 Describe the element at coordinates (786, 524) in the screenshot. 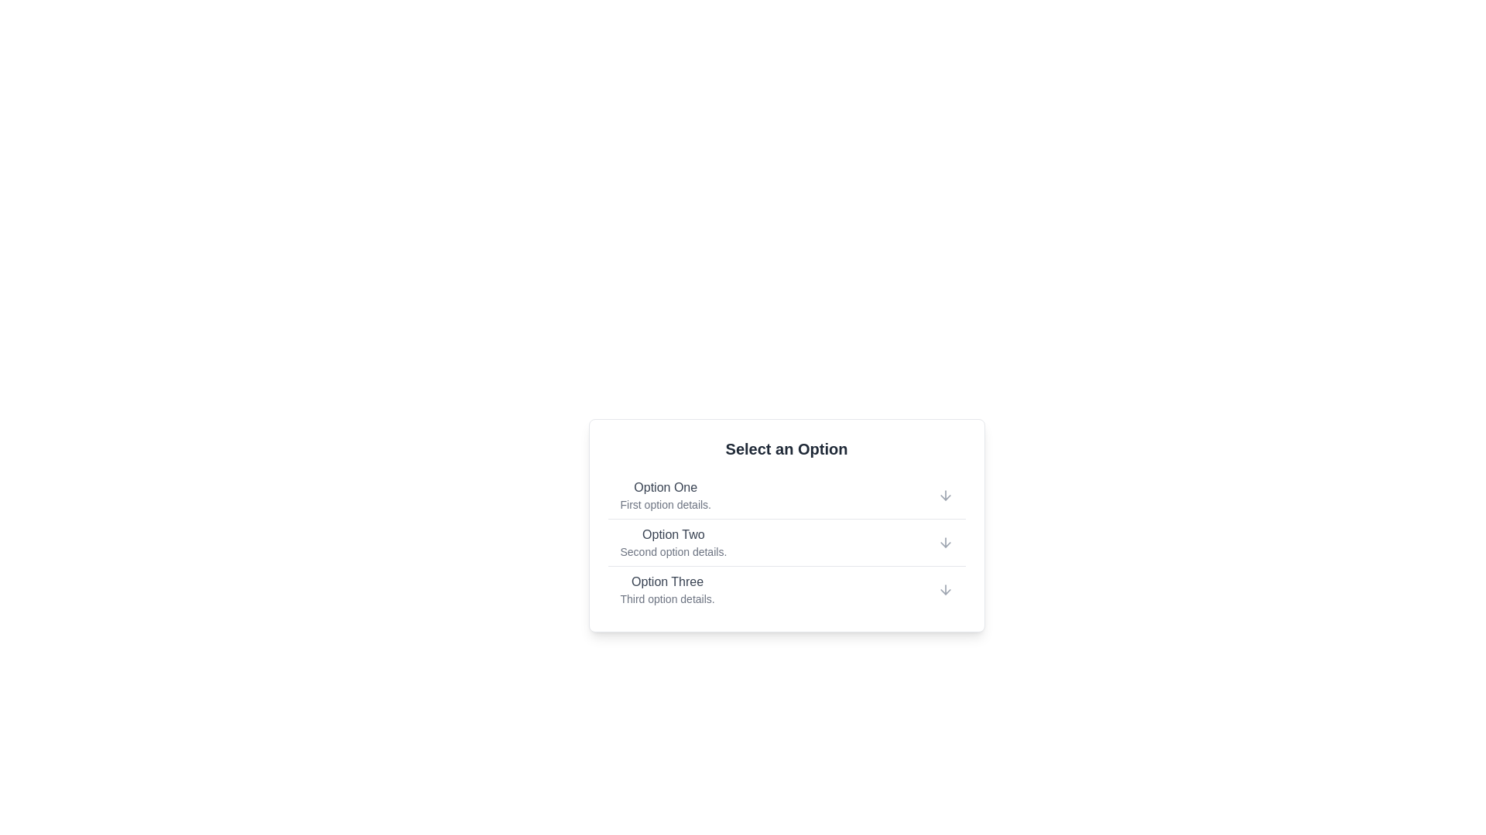

I see `the dropdown option list titled 'Select an Option'` at that location.